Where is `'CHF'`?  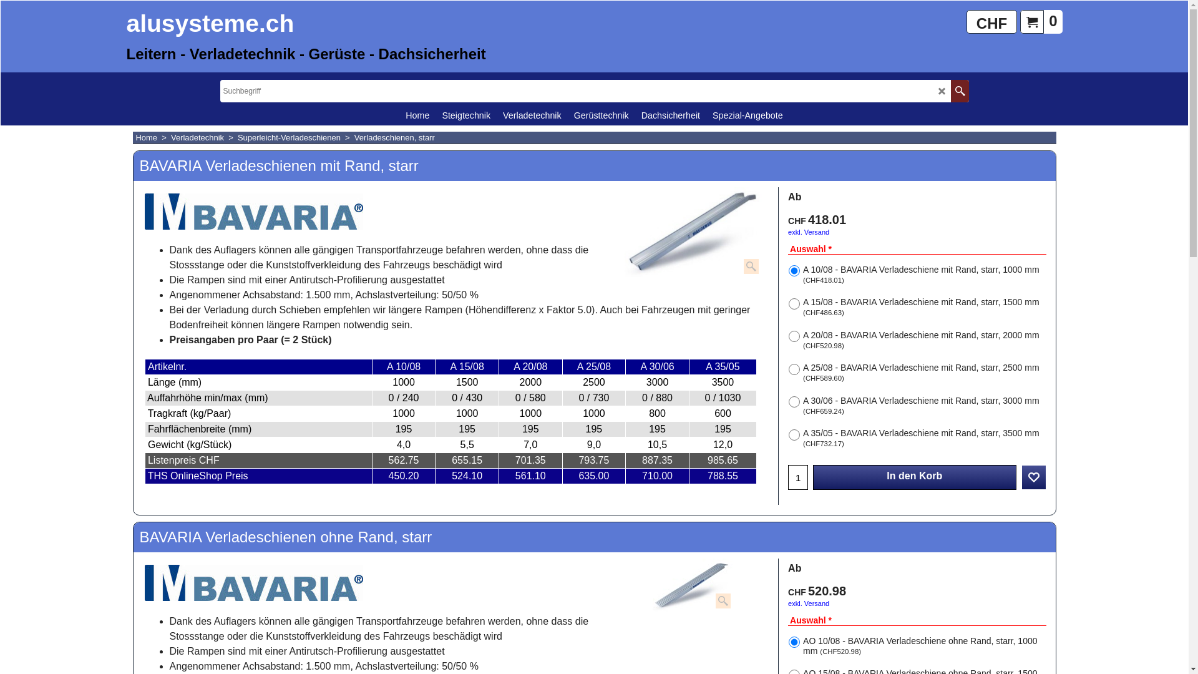
'CHF' is located at coordinates (966, 21).